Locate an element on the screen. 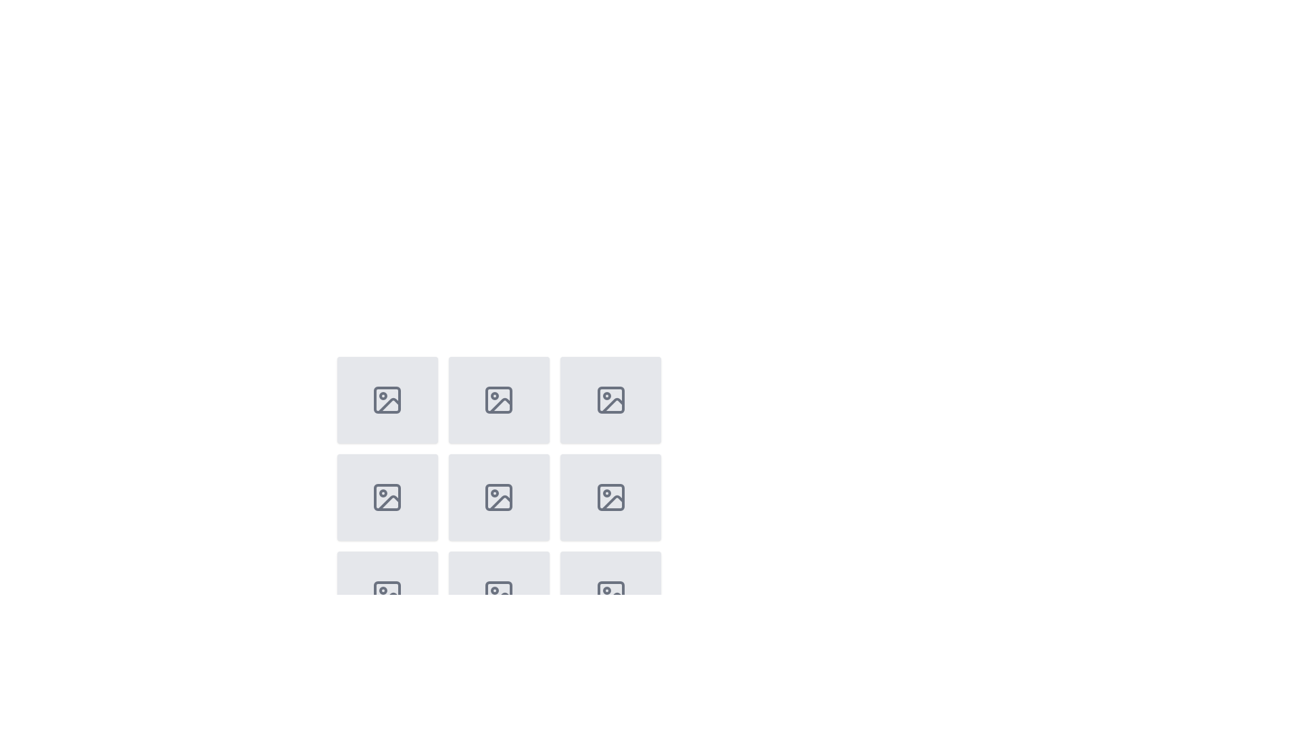  the rounded rectangle shape within the SVG-based icon, which is styled in a uniform gray tone and located in the center of the image placeholder icon is located at coordinates (498, 399).